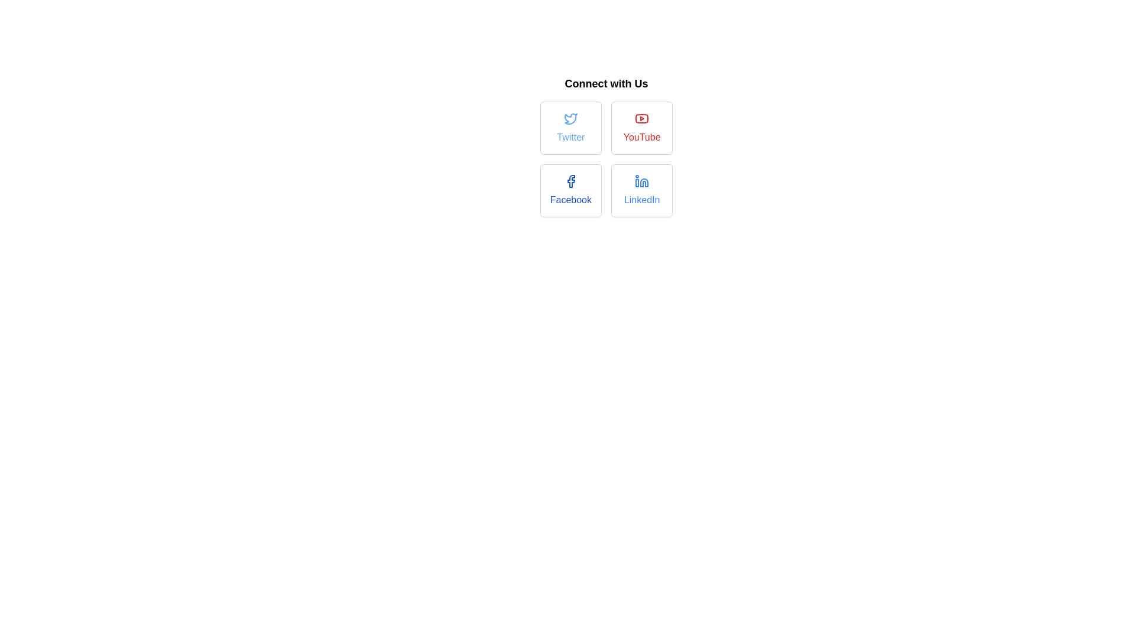 This screenshot has height=638, width=1135. I want to click on the SVG graphic resembling the YouTube logo, which is part of the second box in the top row of social media buttons, so click(641, 118).